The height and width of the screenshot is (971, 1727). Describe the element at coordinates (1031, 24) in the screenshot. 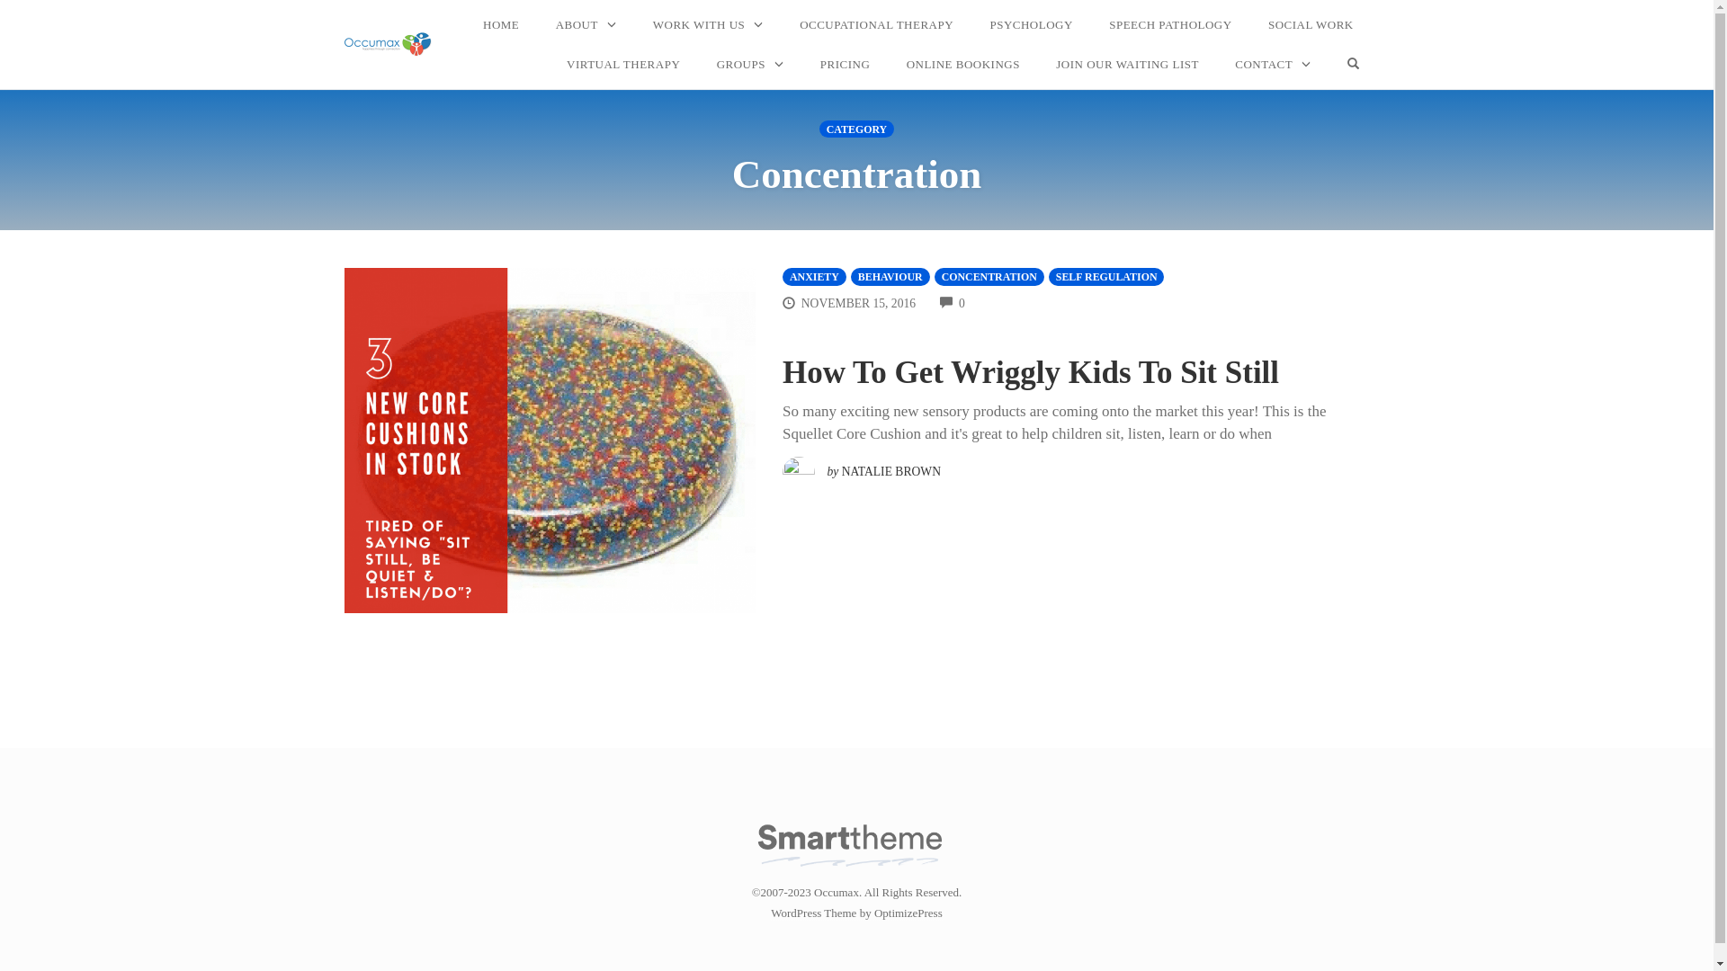

I see `'PSYCHOLOGY'` at that location.